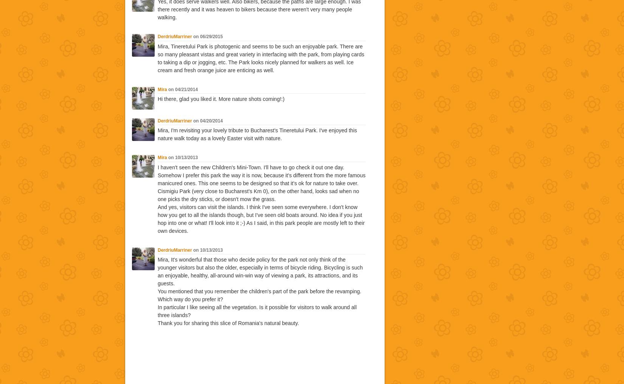 The width and height of the screenshot is (624, 384). I want to click on 'Somehow I prefer this park the way it is now, because it's different from the more famous manicured ones. This one seems to be designed so that it's ok for nature to take over. Cismigiu Park (very close to Bucharest's Km 0), on the other hand, looks sad when no one picks the dry sticks, or doesn't mow the grass.', so click(261, 187).